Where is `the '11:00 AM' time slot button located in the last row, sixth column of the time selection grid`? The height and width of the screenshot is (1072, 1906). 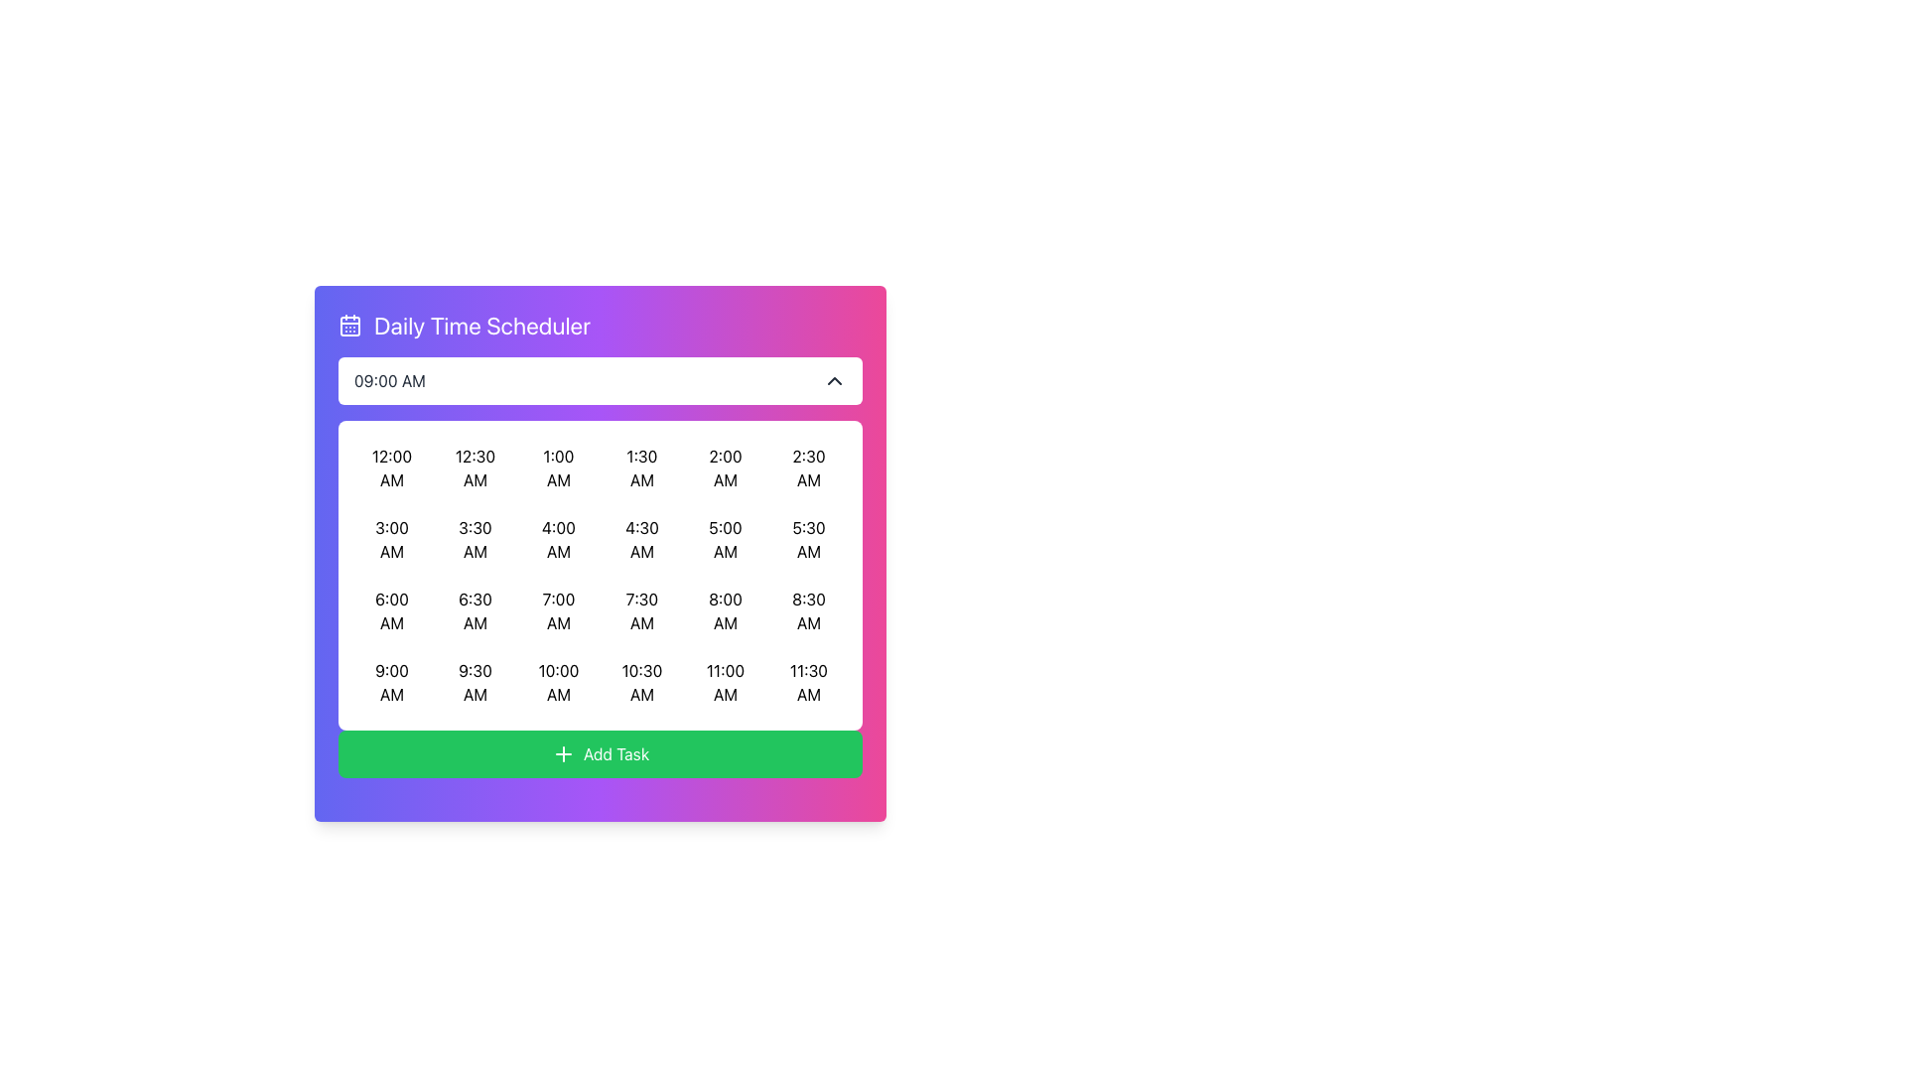 the '11:00 AM' time slot button located in the last row, sixth column of the time selection grid is located at coordinates (724, 681).